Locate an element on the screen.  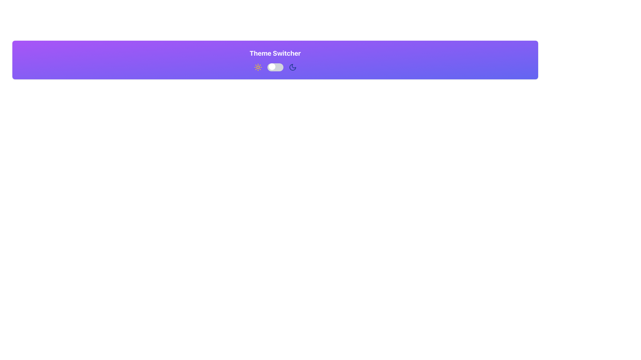
the theme toggle switch button located centrally between the yellow sun icon and the dark blue moon icon in the 'Theme Switcher' section is located at coordinates (275, 67).